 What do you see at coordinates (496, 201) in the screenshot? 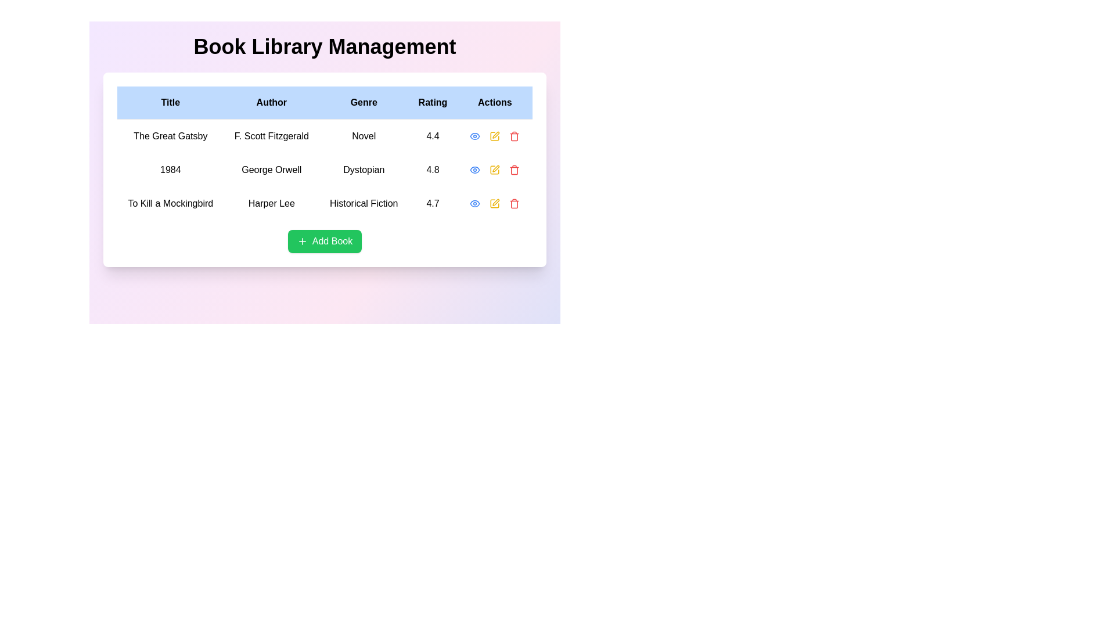
I see `the 'edit' icon button located in the 'Actions' column of the third row, corresponding to the book 'To Kill a Mockingbird'` at bounding box center [496, 201].